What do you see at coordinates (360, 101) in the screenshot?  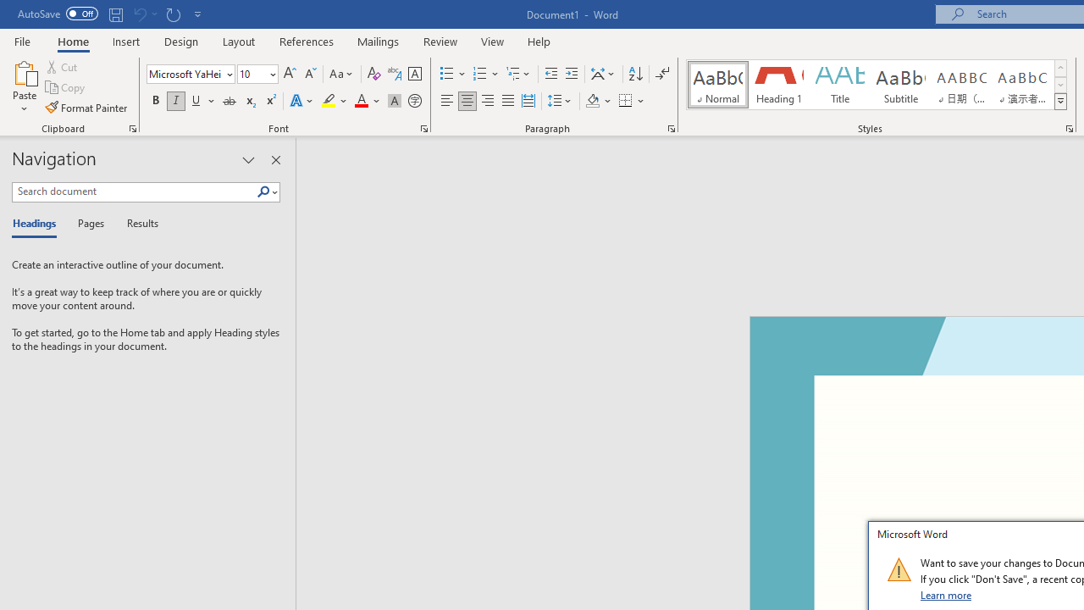 I see `'Font Color Red'` at bounding box center [360, 101].